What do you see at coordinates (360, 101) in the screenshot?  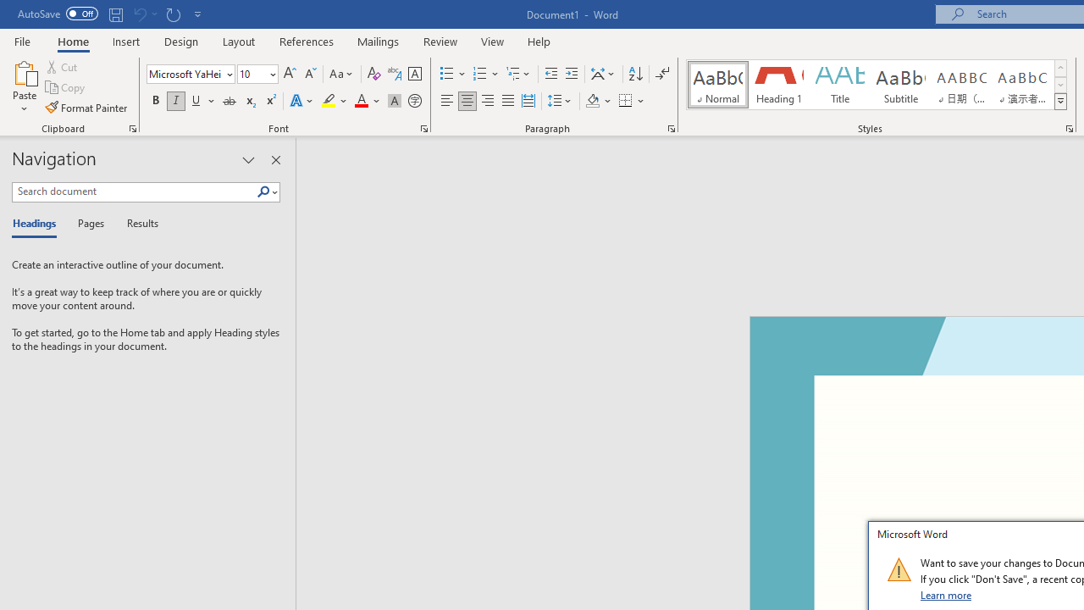 I see `'Font Color Red'` at bounding box center [360, 101].